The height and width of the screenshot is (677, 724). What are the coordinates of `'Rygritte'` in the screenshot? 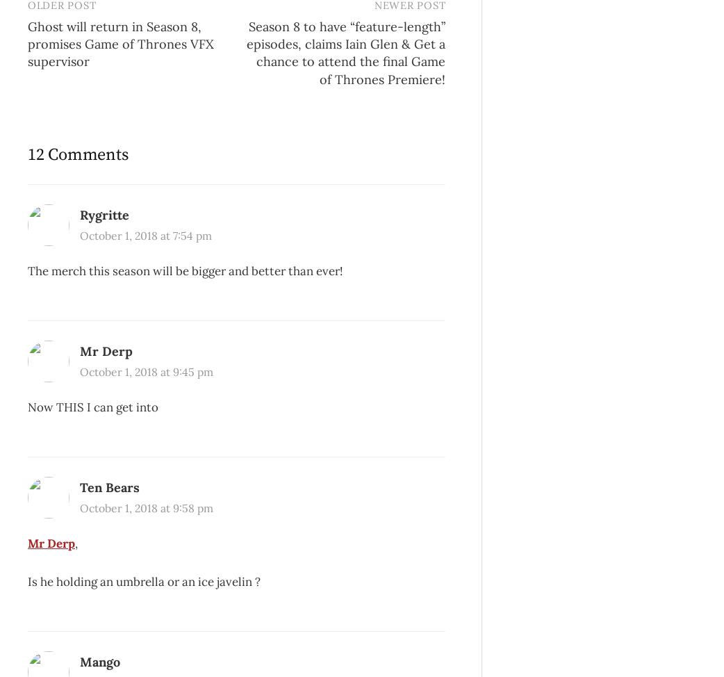 It's located at (104, 214).